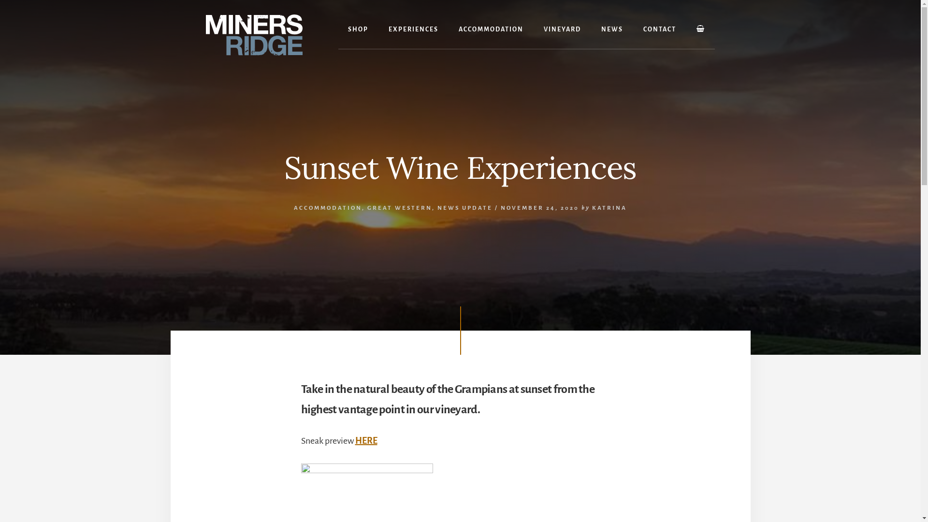 This screenshot has height=522, width=928. I want to click on 'Skip to content', so click(0, 0).